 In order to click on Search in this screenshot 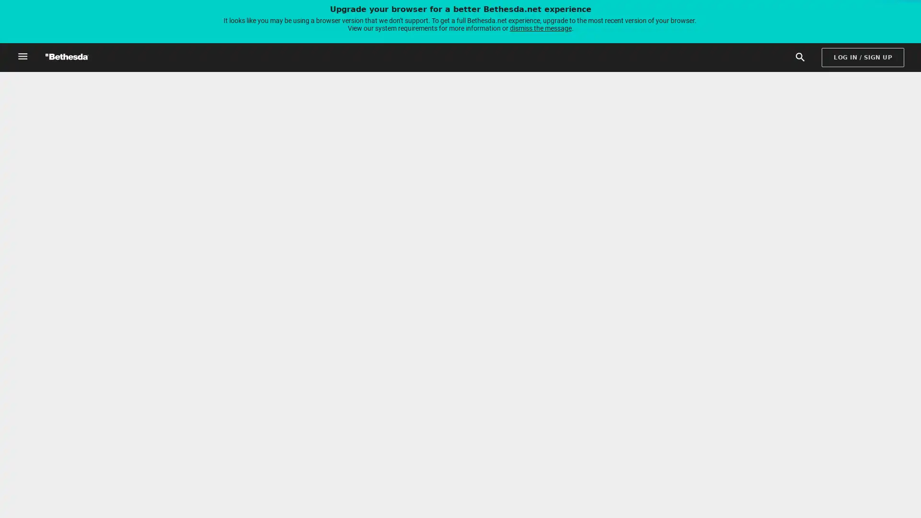, I will do `click(804, 57)`.